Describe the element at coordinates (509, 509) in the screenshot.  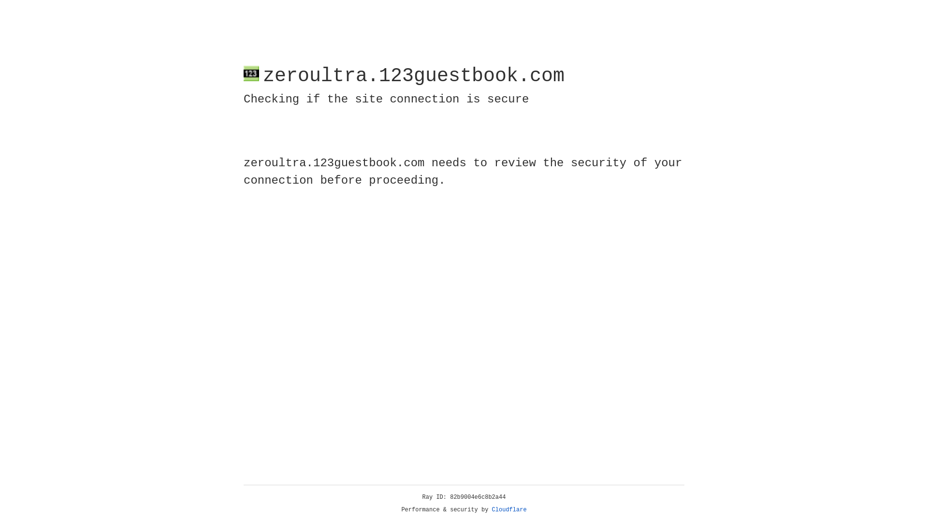
I see `'Cloudflare'` at that location.